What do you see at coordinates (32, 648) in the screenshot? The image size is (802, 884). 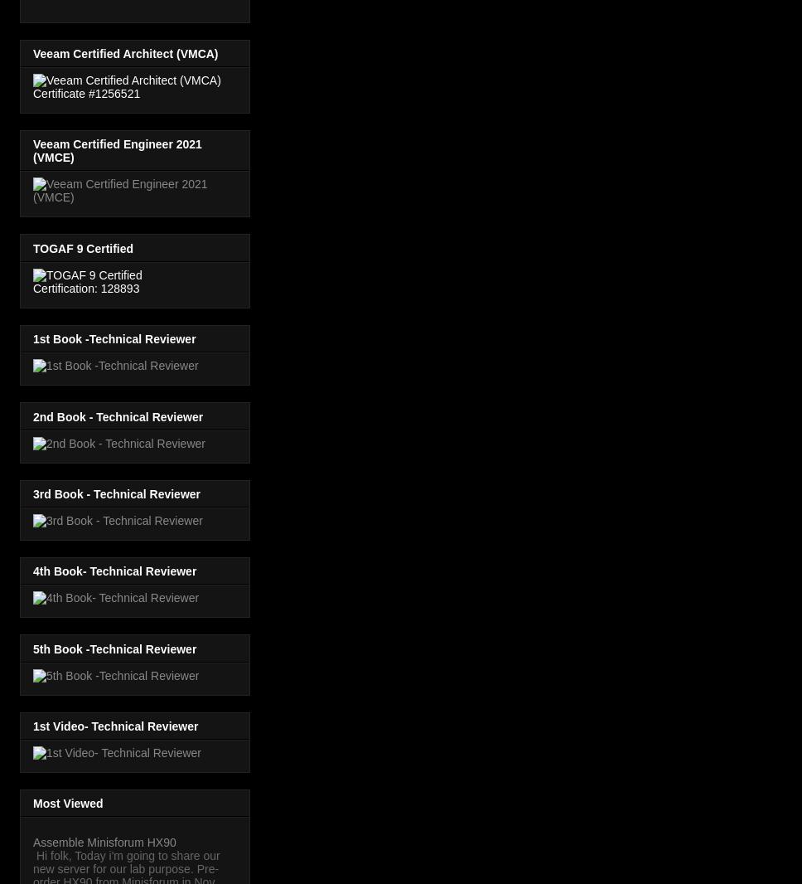 I see `'5th Book -Technical Reviewer'` at bounding box center [32, 648].